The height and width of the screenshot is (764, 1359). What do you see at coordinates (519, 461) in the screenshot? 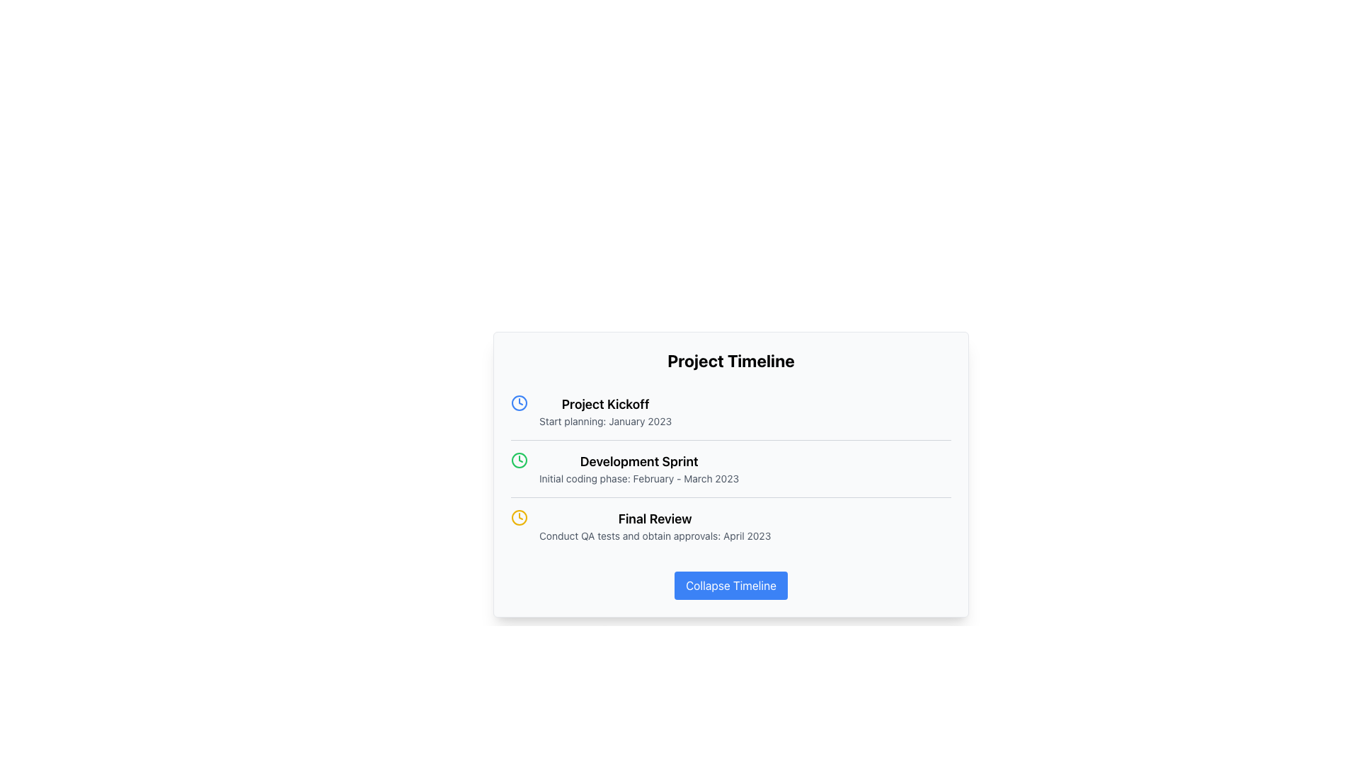
I see `the informative time or schedule icon located to the extreme left of the 'Development Sprint' text within the project timeline` at bounding box center [519, 461].